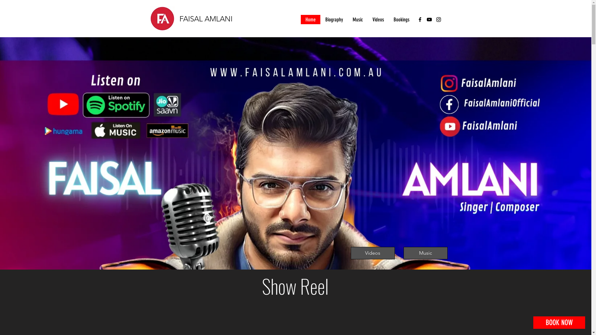 This screenshot has width=596, height=335. Describe the element at coordinates (401, 19) in the screenshot. I see `'Bookings'` at that location.